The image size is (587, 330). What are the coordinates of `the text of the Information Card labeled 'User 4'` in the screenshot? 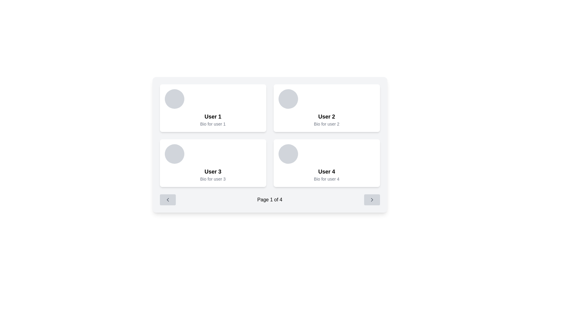 It's located at (326, 163).